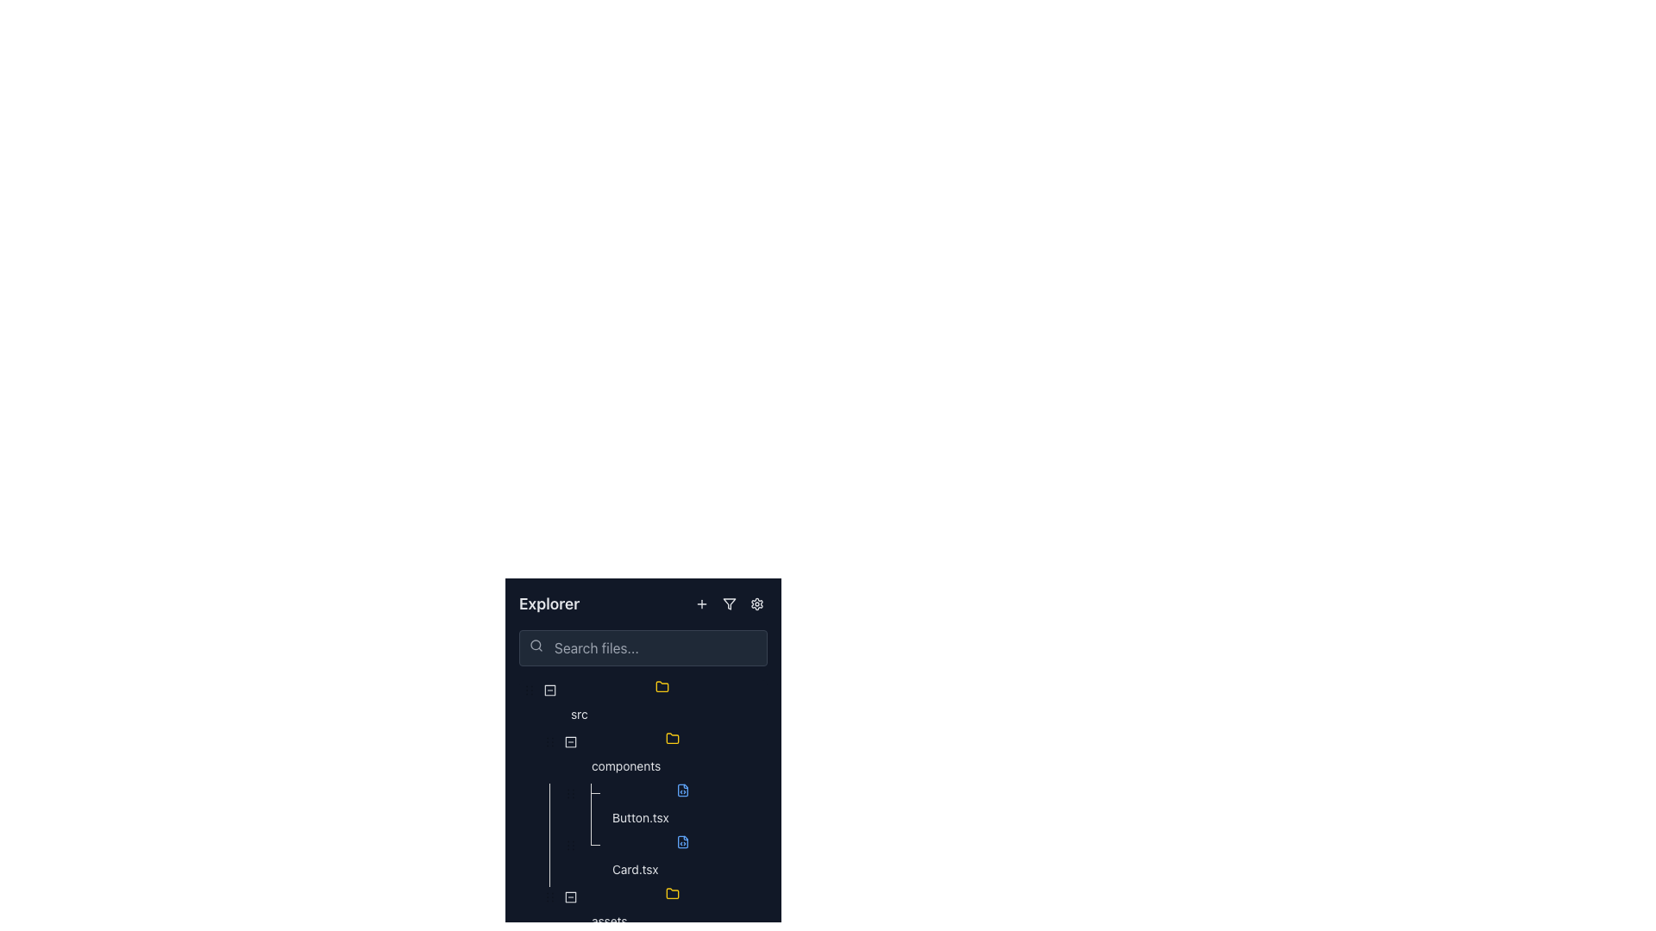  Describe the element at coordinates (639, 816) in the screenshot. I see `on the 'Button.tsx' file item label in the file tree browser` at that location.